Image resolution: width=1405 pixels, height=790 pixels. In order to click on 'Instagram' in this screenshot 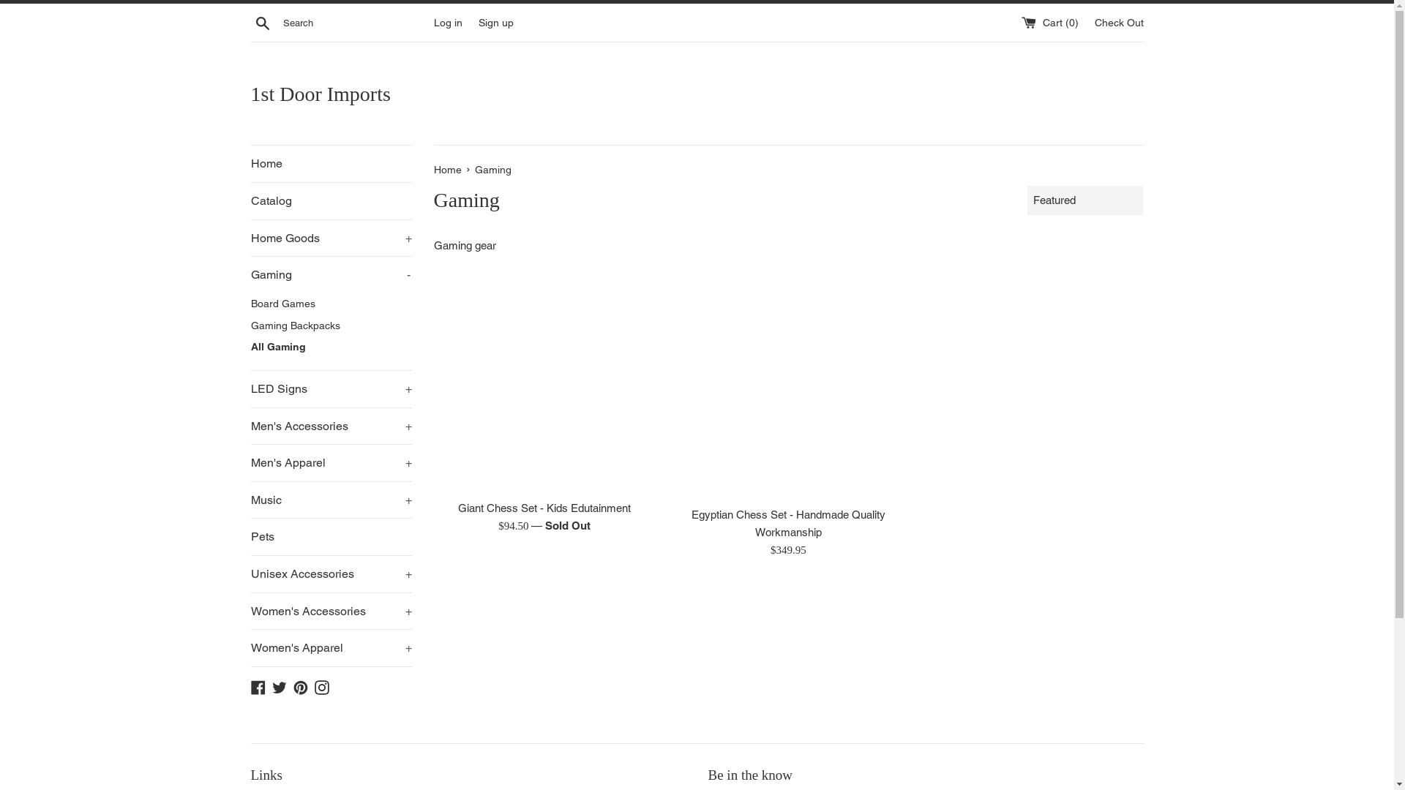, I will do `click(314, 686)`.